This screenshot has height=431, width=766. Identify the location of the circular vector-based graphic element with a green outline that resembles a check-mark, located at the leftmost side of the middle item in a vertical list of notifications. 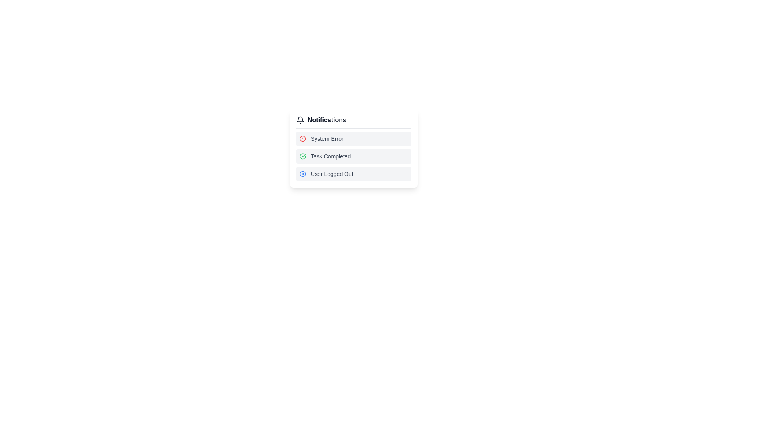
(302, 156).